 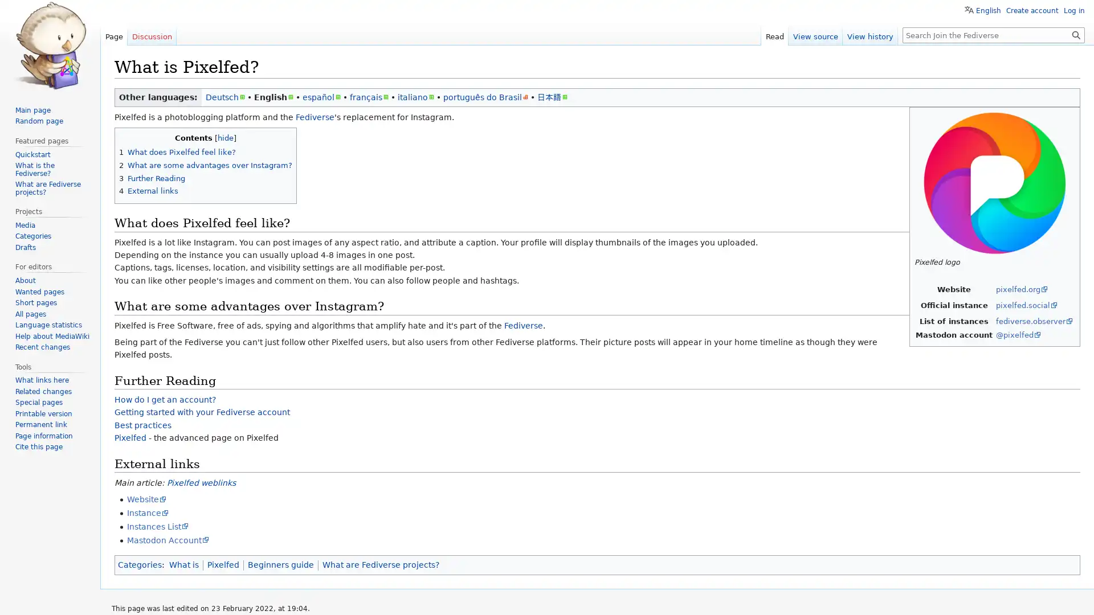 What do you see at coordinates (1076, 34) in the screenshot?
I see `Search` at bounding box center [1076, 34].